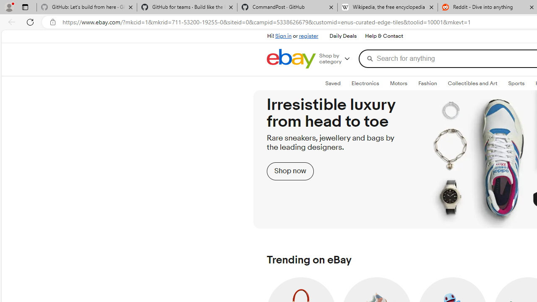 The width and height of the screenshot is (537, 302). I want to click on 'Collectibles and Art', so click(473, 83).